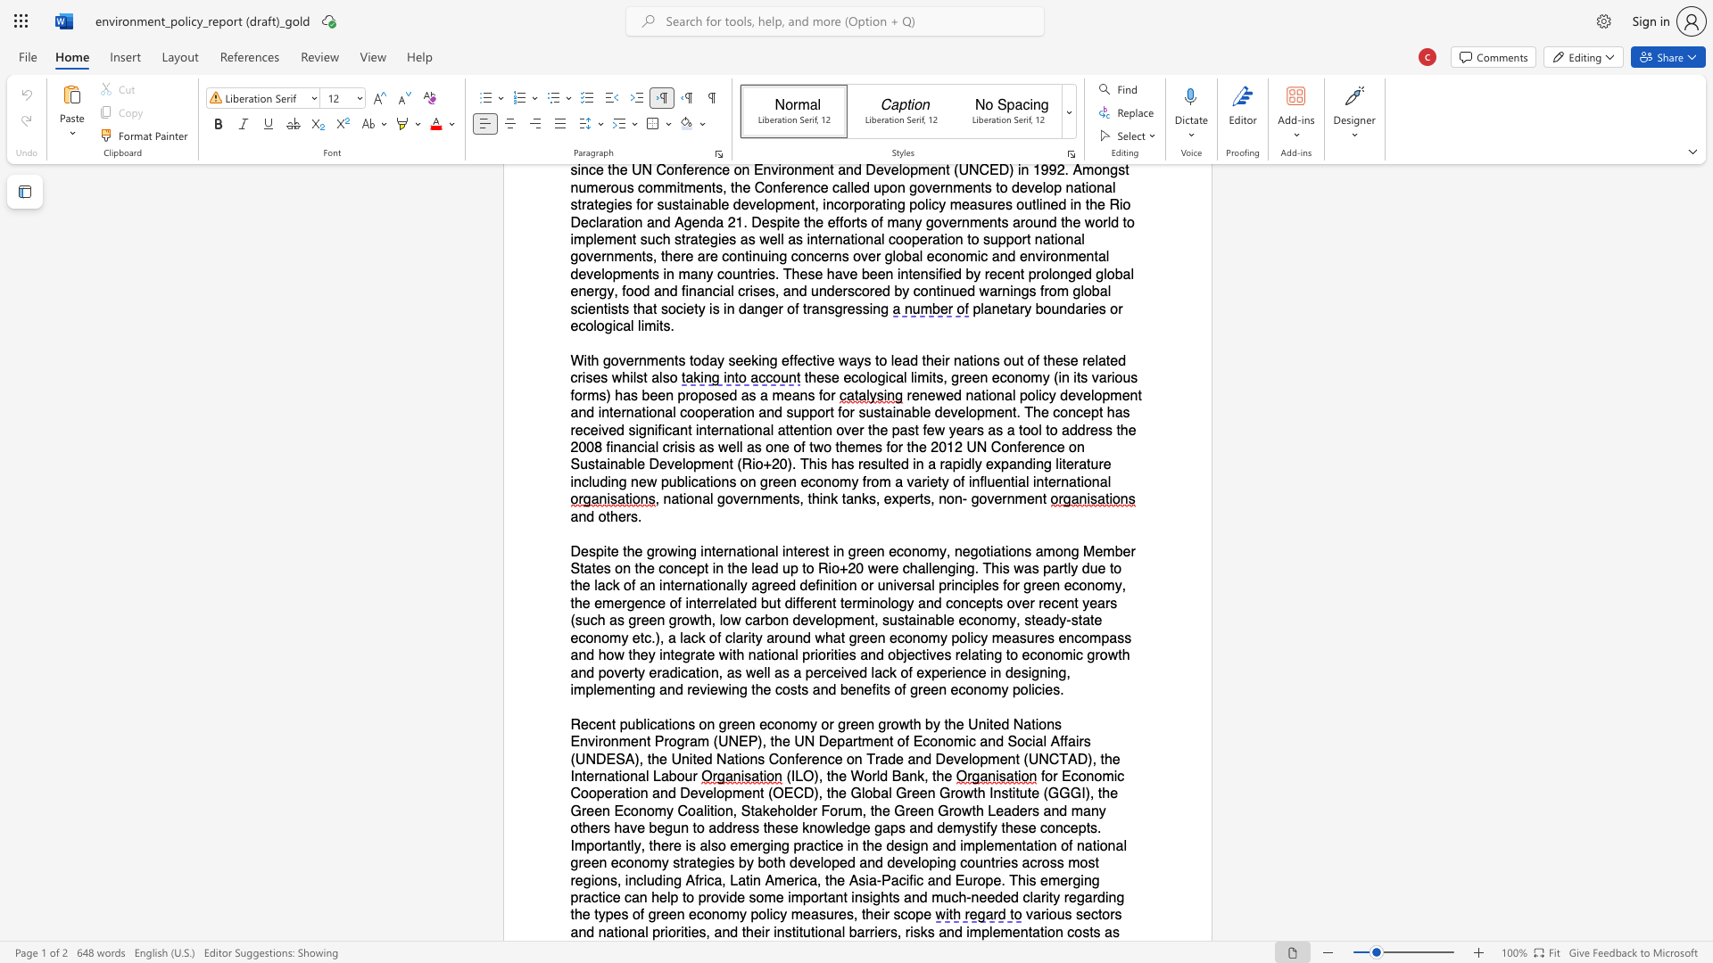 Image resolution: width=1713 pixels, height=963 pixels. What do you see at coordinates (651, 931) in the screenshot?
I see `the subset text "prior" within the text "various sectors and national priorities, and their institutional barriers,"` at bounding box center [651, 931].